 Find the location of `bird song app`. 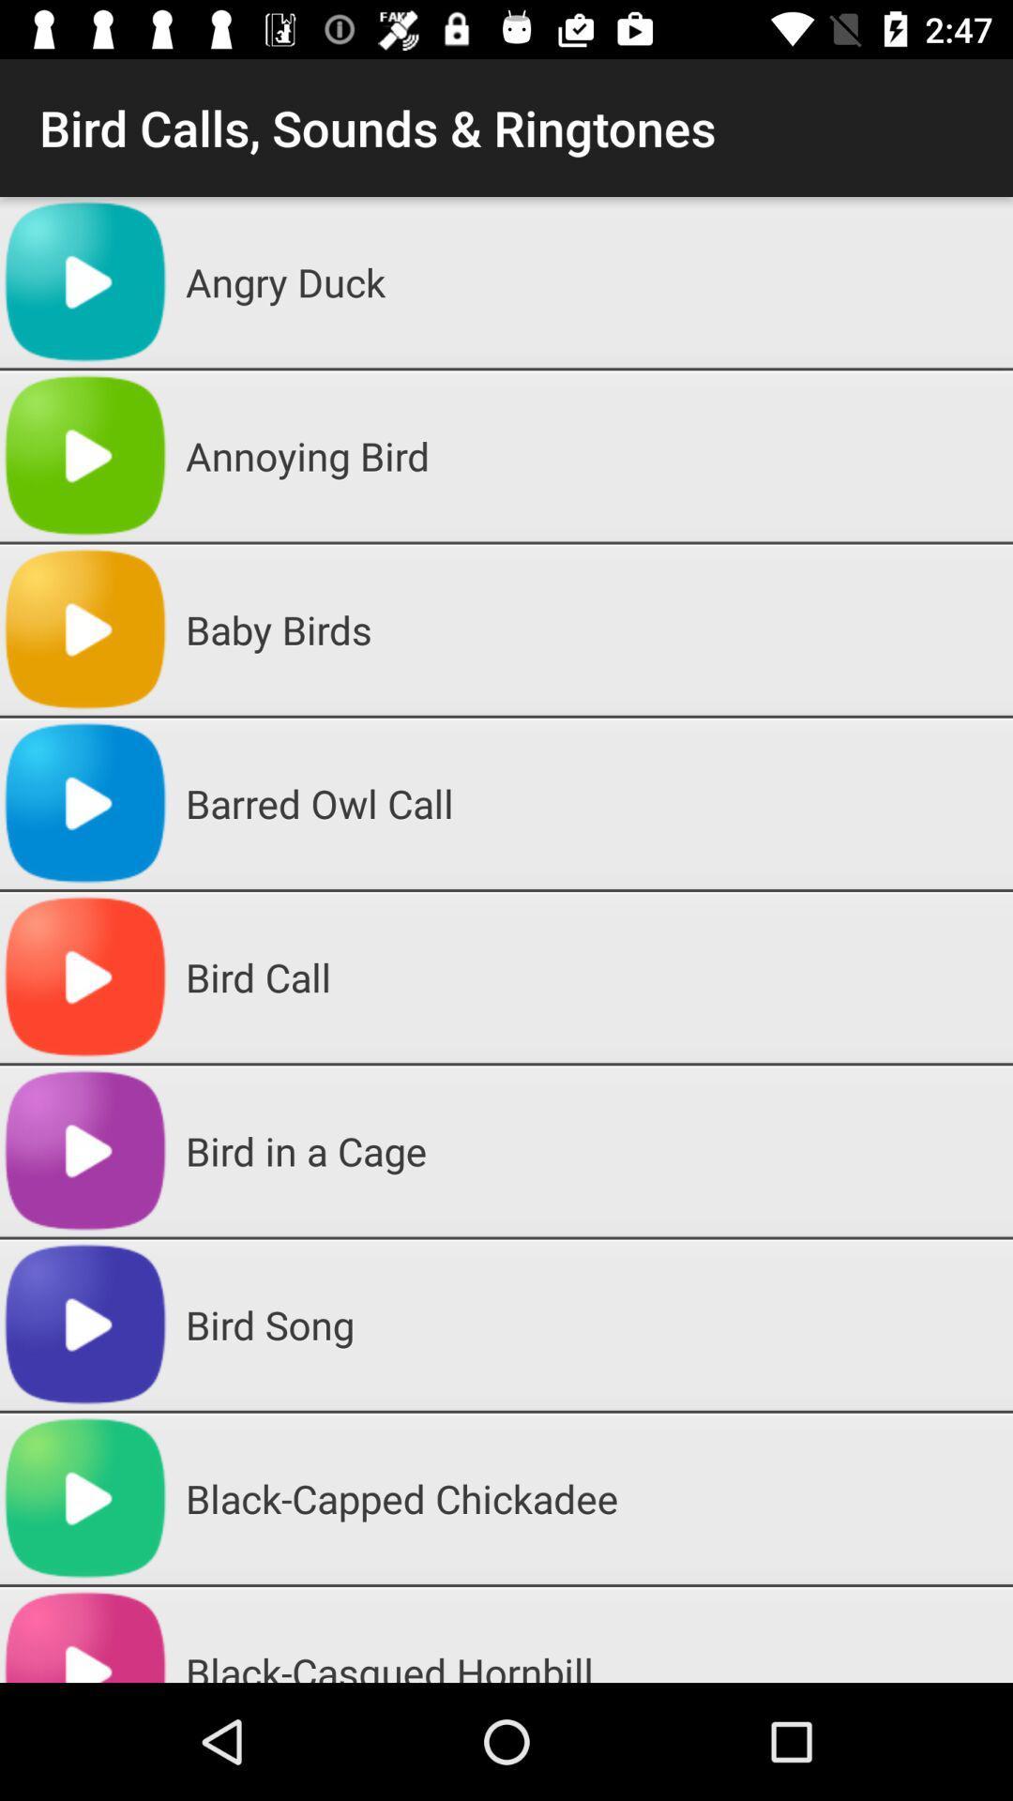

bird song app is located at coordinates (592, 1324).